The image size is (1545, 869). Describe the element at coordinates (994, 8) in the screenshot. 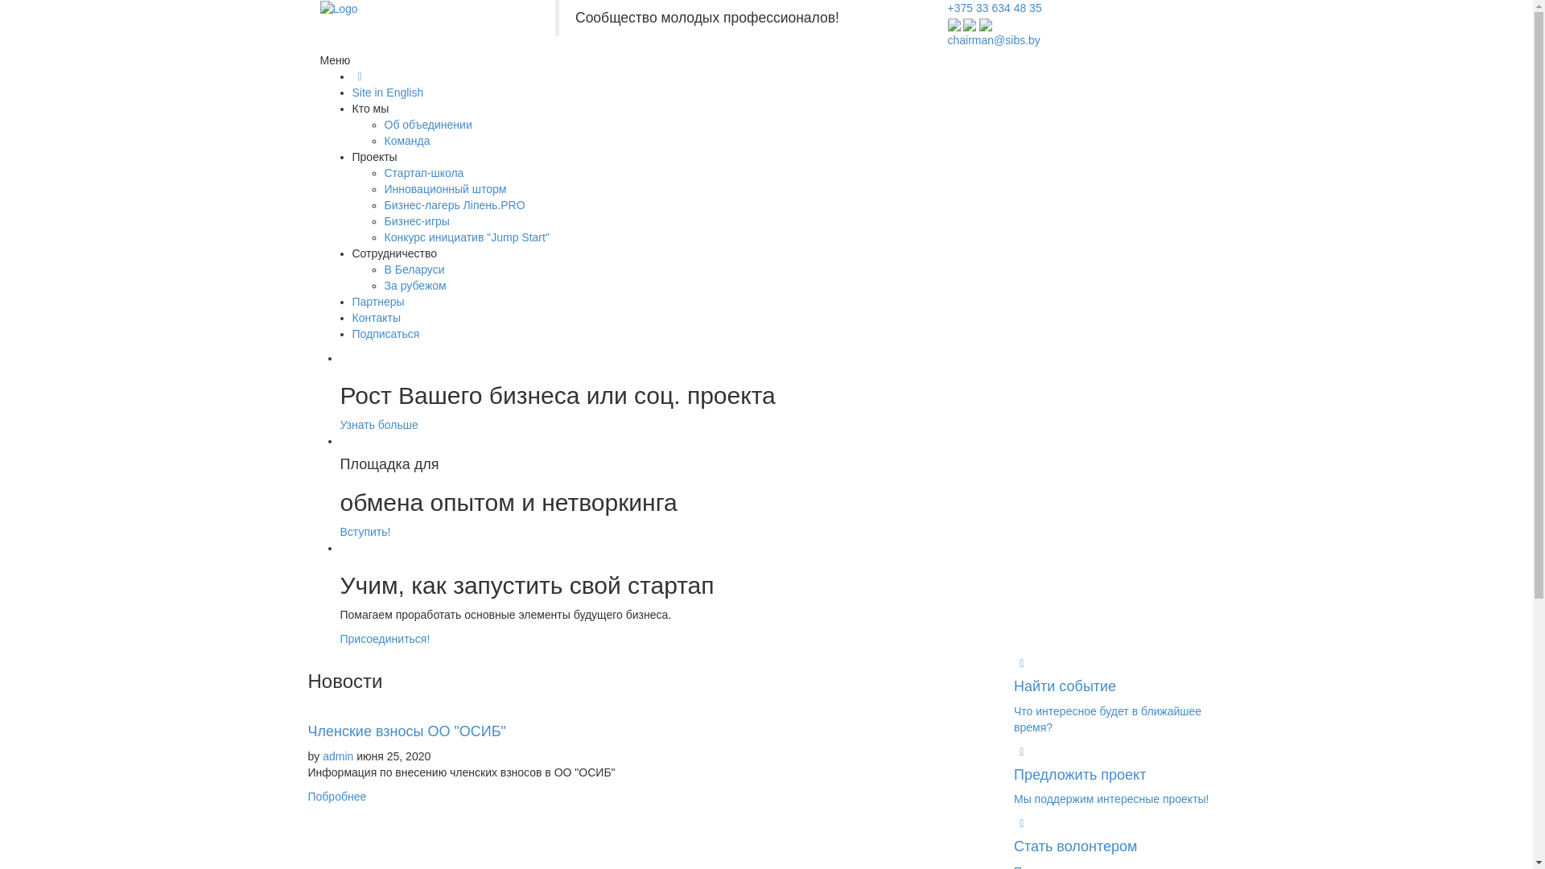

I see `'+375 33 634 48 35'` at that location.